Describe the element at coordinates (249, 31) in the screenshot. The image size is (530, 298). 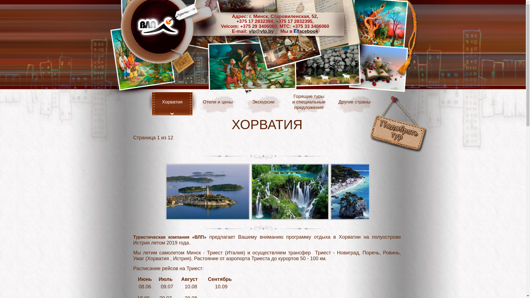
I see `'vlp@vlp.by'` at that location.